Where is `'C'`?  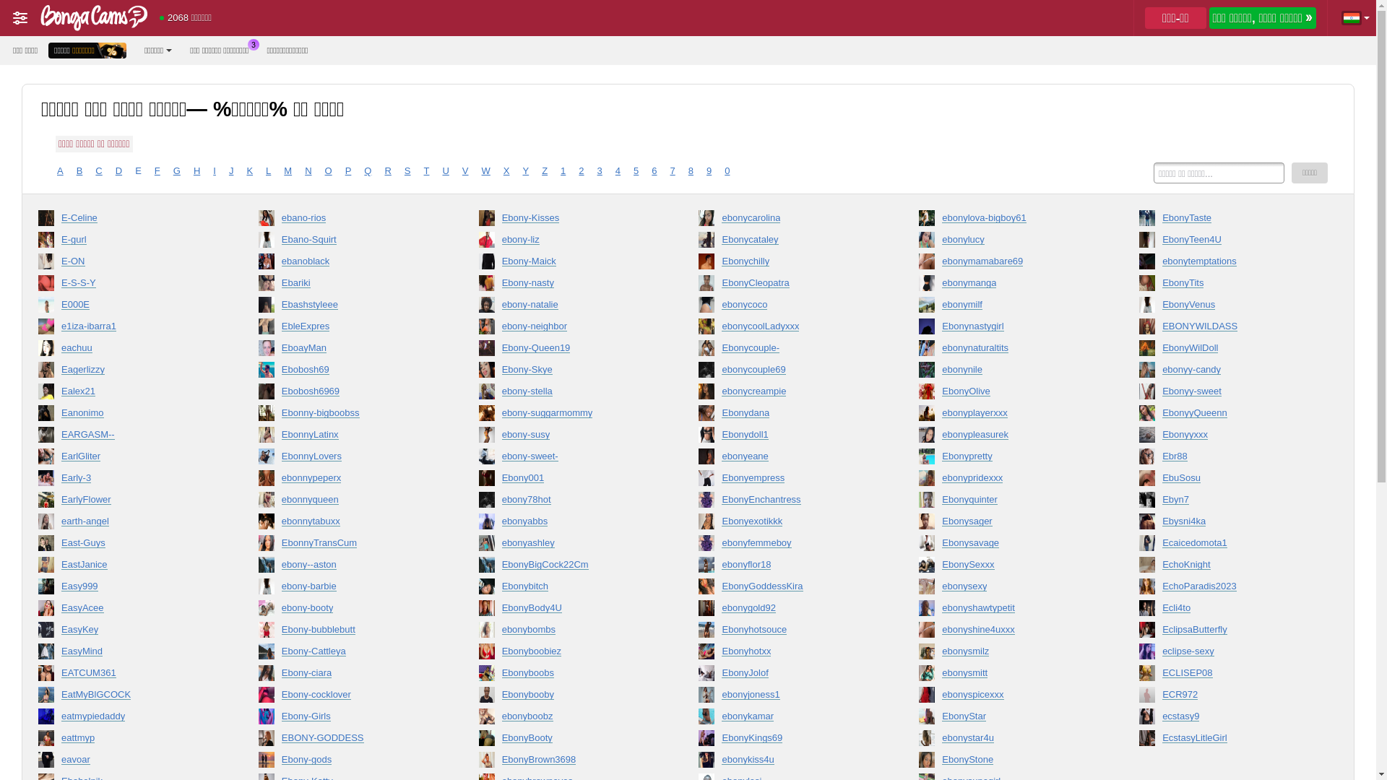
'C' is located at coordinates (95, 170).